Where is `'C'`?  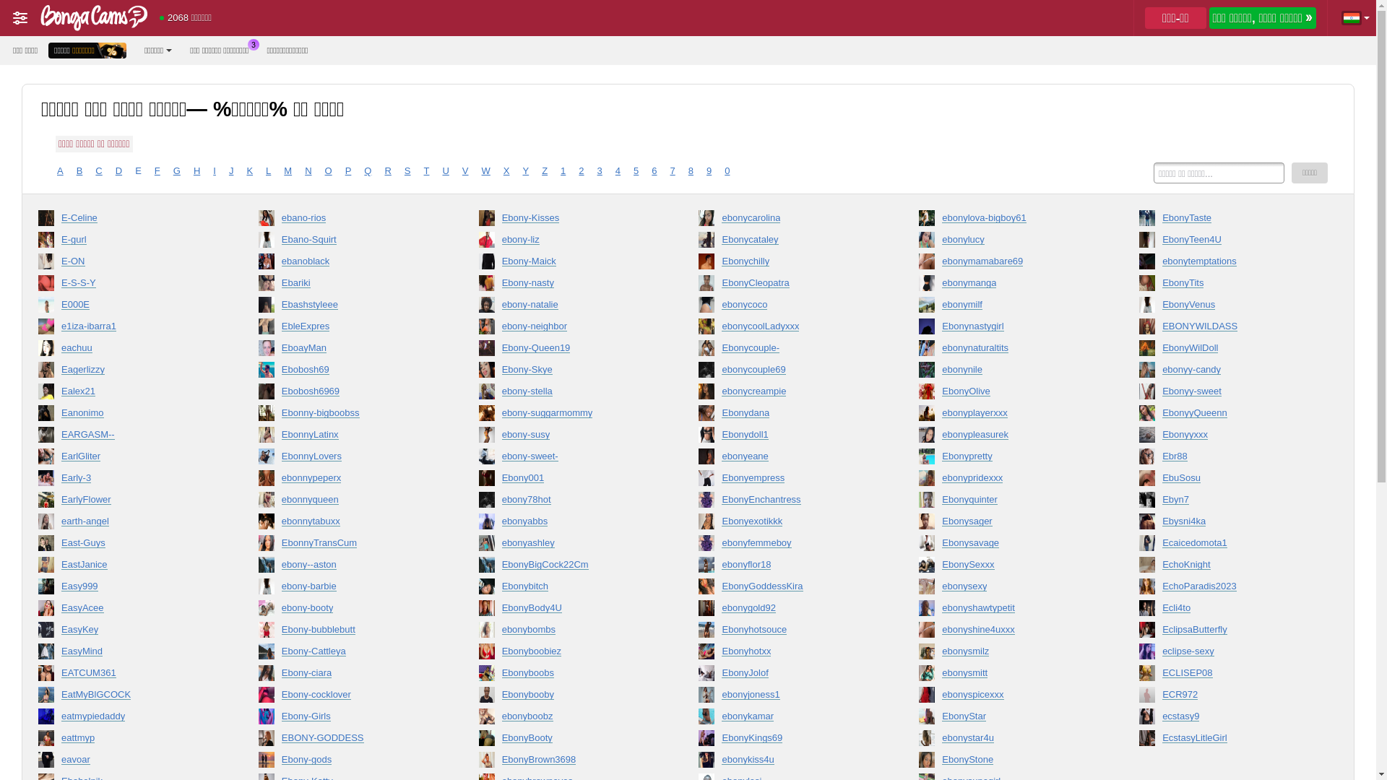
'C' is located at coordinates (95, 170).